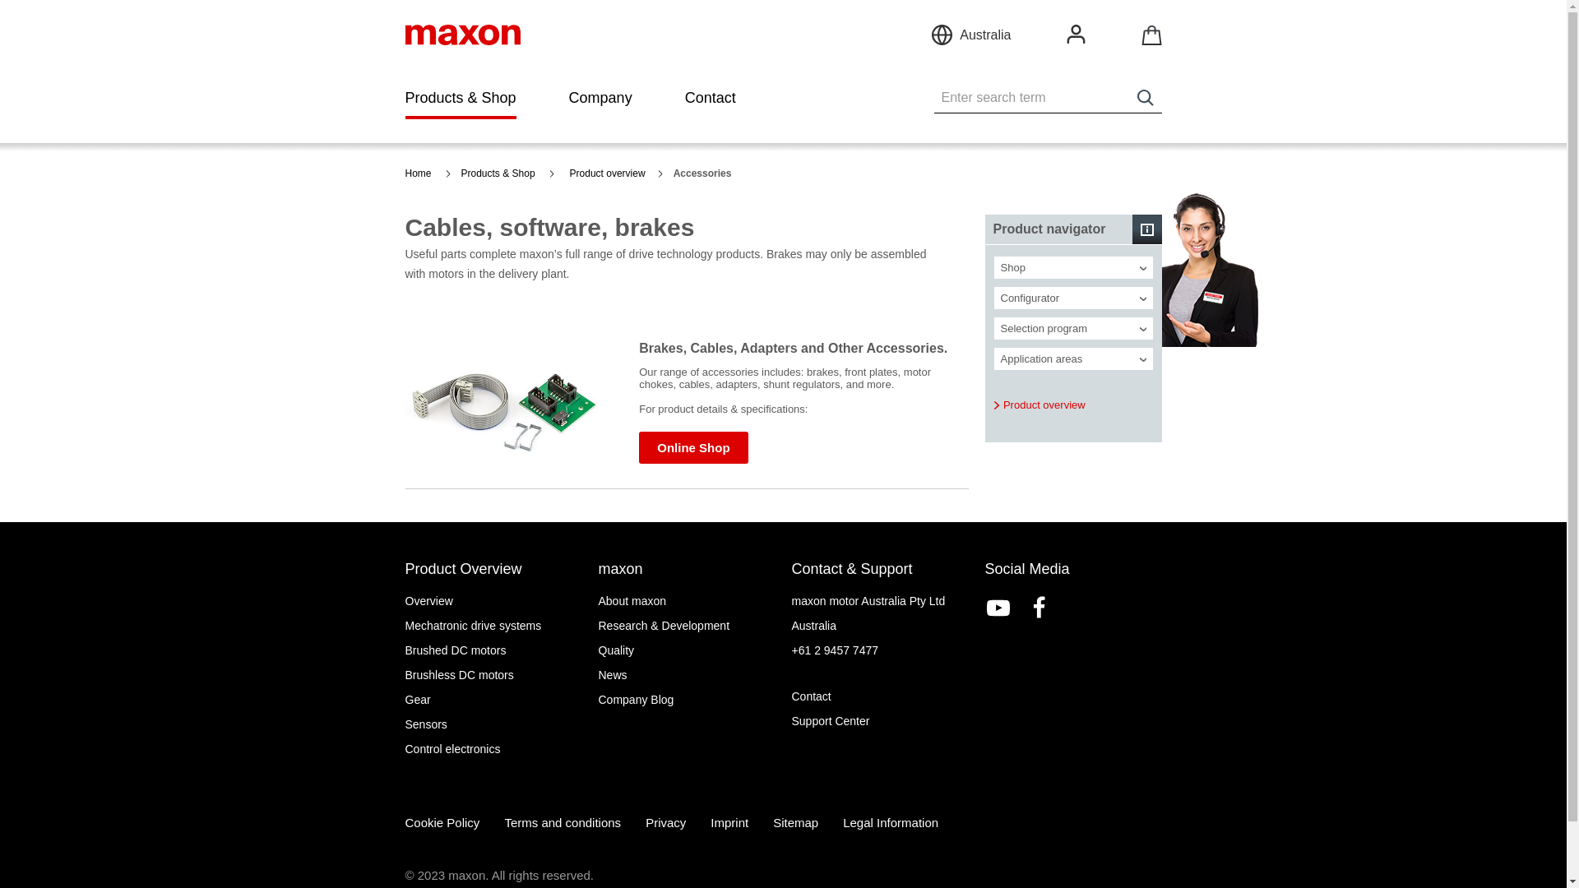 This screenshot has height=888, width=1579. I want to click on 'Legal Information', so click(890, 822).